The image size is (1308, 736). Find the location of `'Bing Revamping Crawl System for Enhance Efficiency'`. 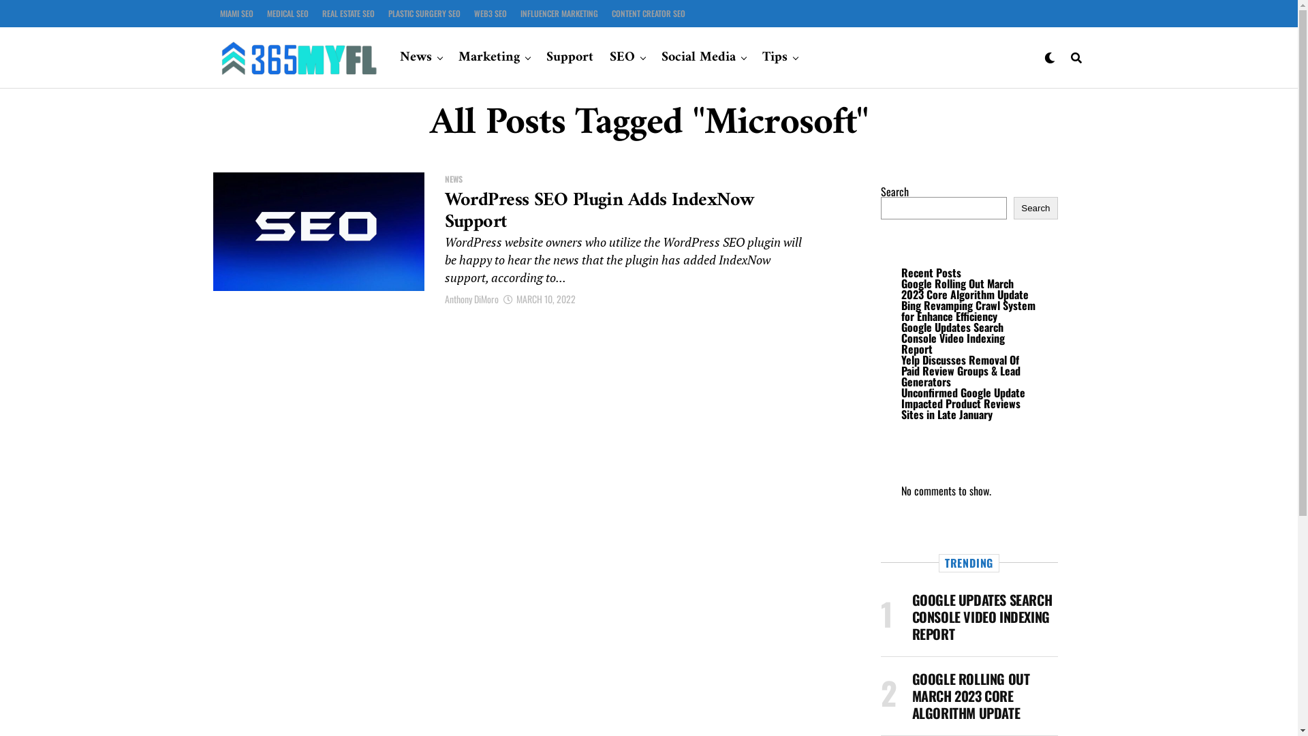

'Bing Revamping Crawl System for Enhance Efficiency' is located at coordinates (900, 310).